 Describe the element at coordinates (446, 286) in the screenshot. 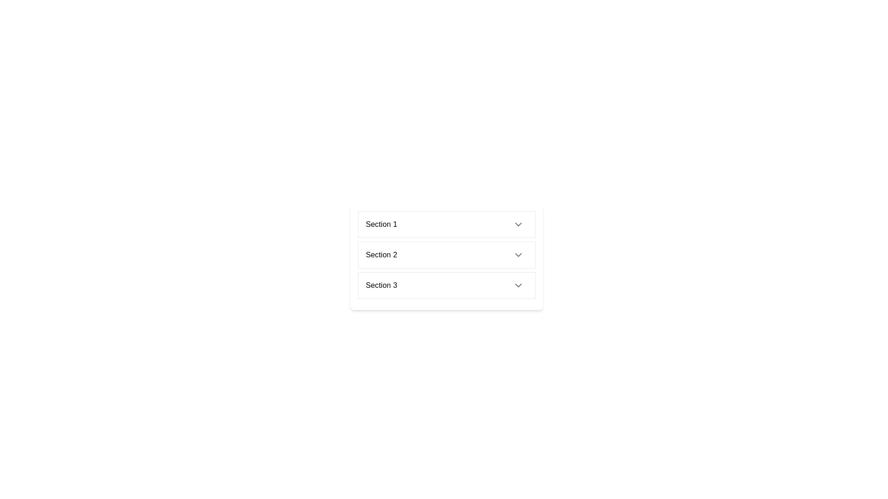

I see `the third expandable list item located below 'Section 2'` at that location.